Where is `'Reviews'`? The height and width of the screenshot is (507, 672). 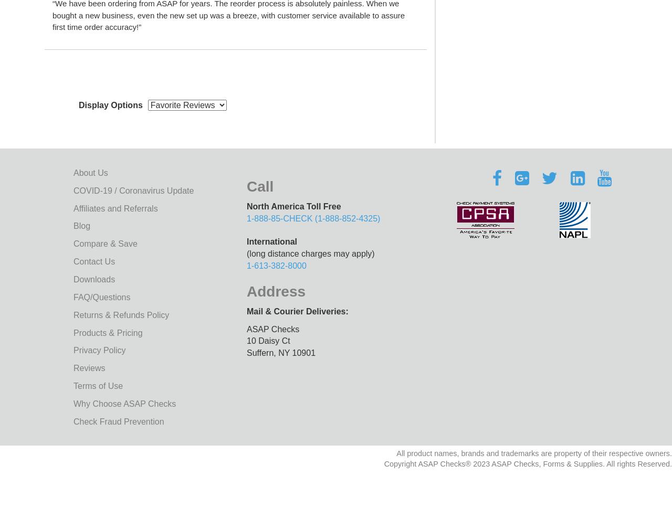
'Reviews' is located at coordinates (89, 367).